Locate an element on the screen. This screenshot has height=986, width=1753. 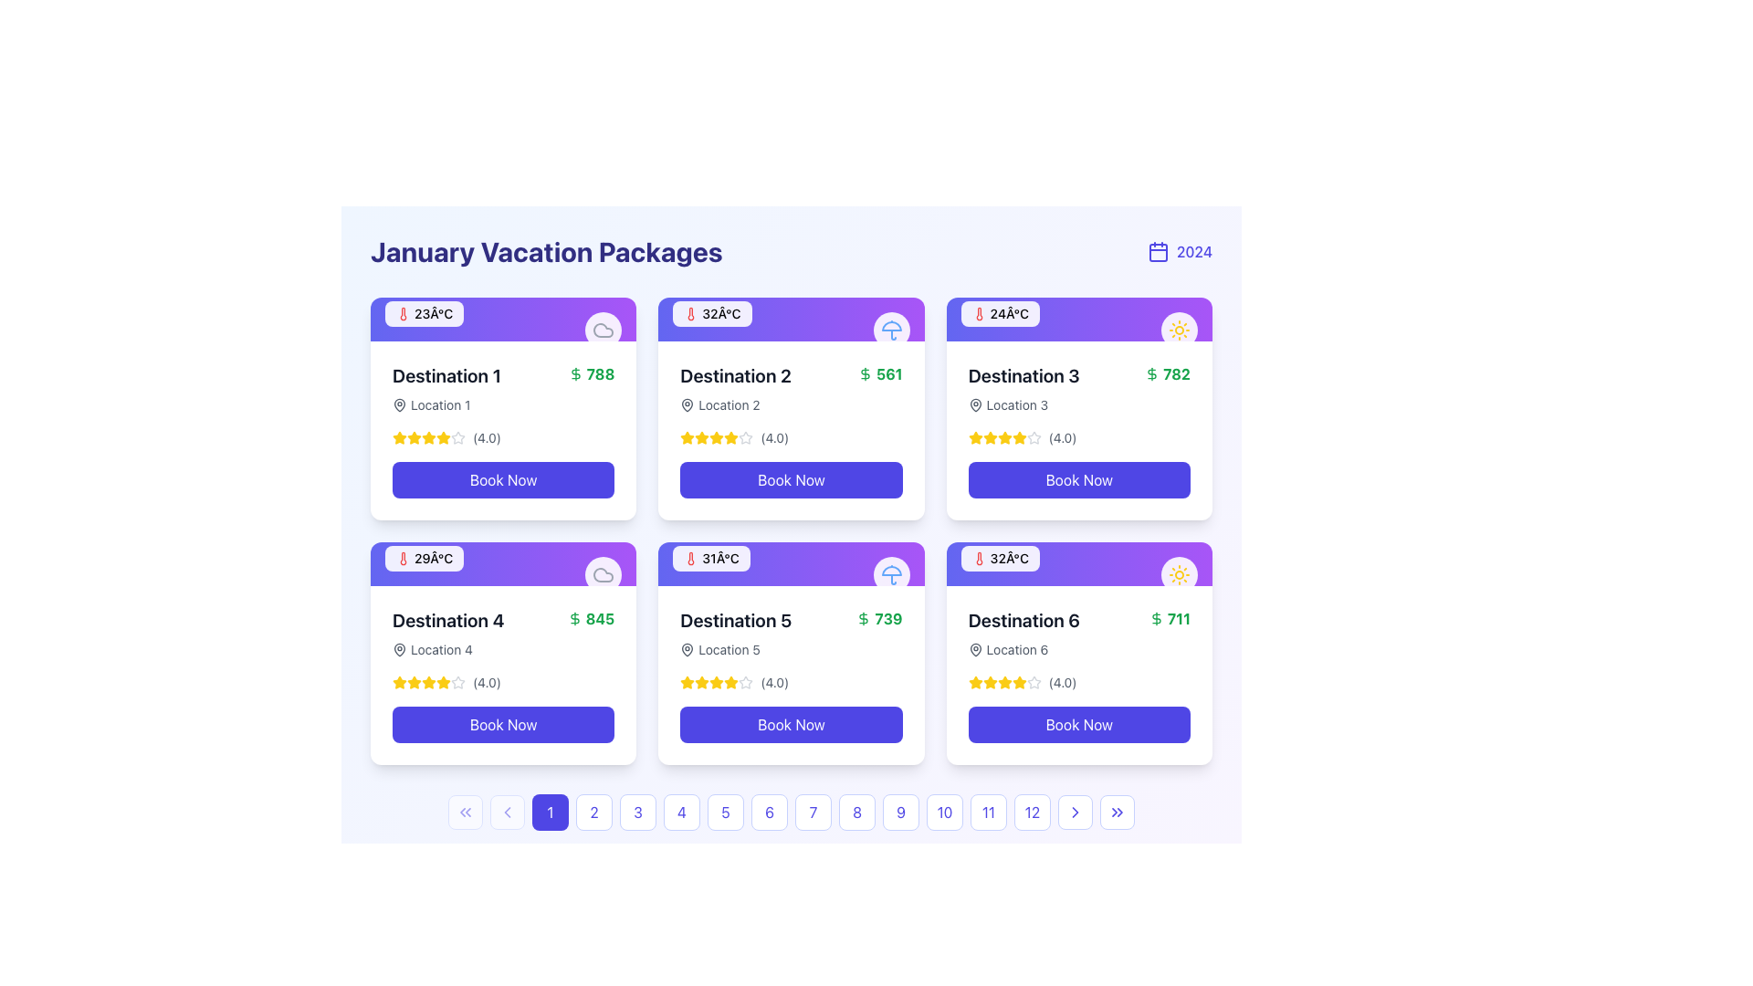
the textual header and subtext group that includes the bold header 'Destination 3' and the subtext 'Location 3', located on the third card in the first row of the grid layout is located at coordinates (1023, 387).